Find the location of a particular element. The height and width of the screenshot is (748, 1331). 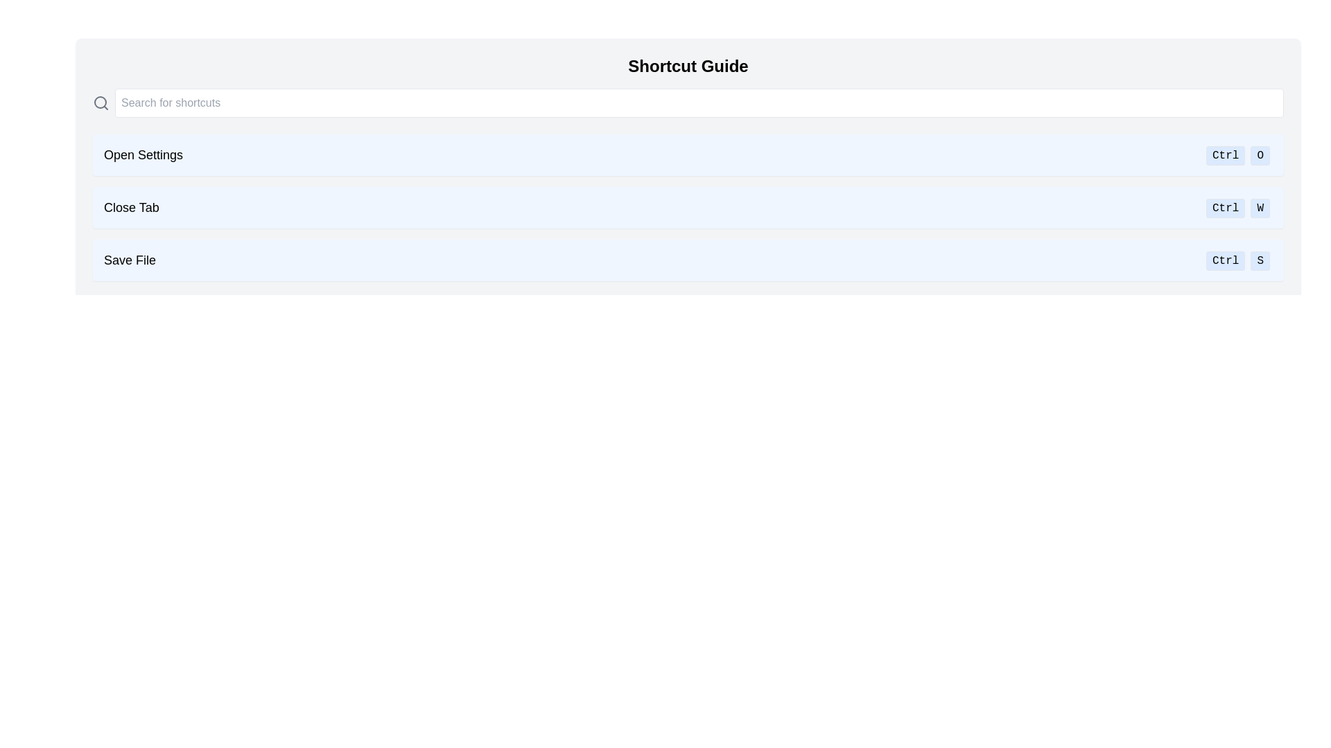

the text label that describes the shortcut item for opening settings, which is located on the leftmost side of a horizontal bar with a light blue background is located at coordinates (143, 154).